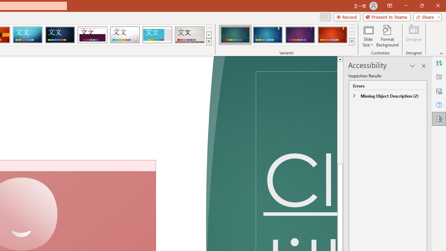 The image size is (446, 251). Describe the element at coordinates (190, 35) in the screenshot. I see `'Gallery'` at that location.